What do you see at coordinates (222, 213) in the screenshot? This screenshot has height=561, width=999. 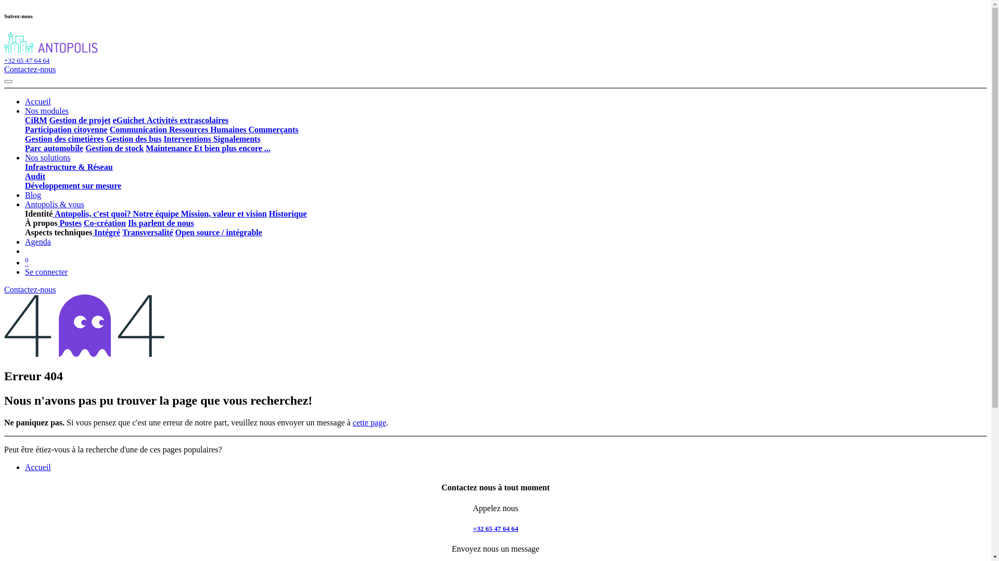 I see `'Mission, valeur et vision'` at bounding box center [222, 213].